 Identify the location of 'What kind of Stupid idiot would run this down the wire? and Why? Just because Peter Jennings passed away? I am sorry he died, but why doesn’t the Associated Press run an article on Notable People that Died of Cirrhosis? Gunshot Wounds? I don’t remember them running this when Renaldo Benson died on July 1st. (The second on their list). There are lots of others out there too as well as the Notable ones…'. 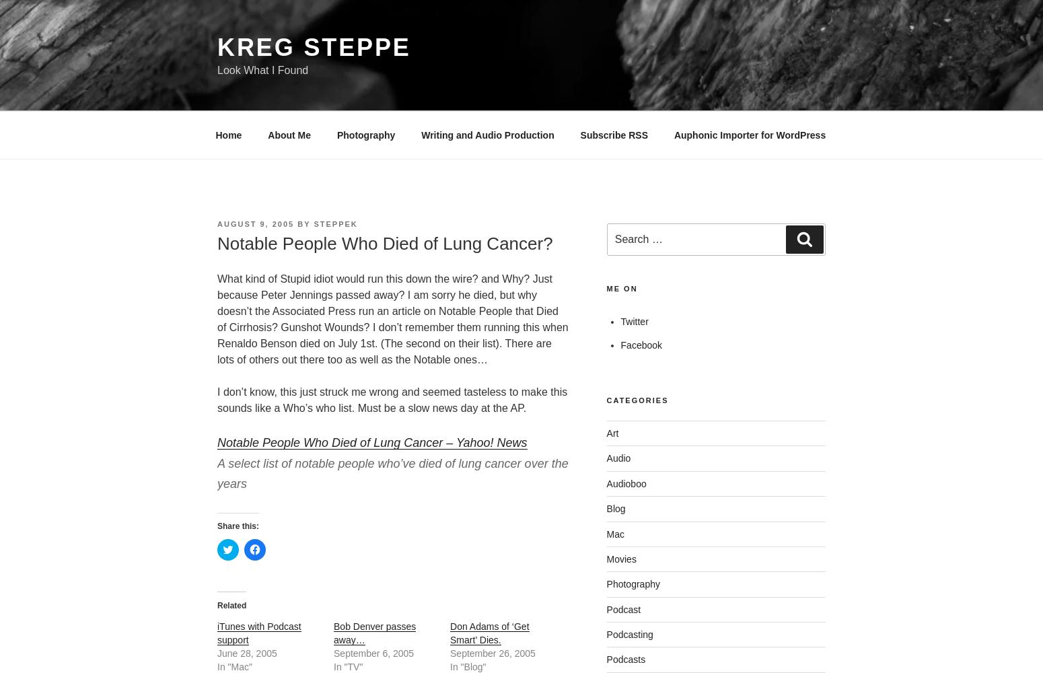
(217, 318).